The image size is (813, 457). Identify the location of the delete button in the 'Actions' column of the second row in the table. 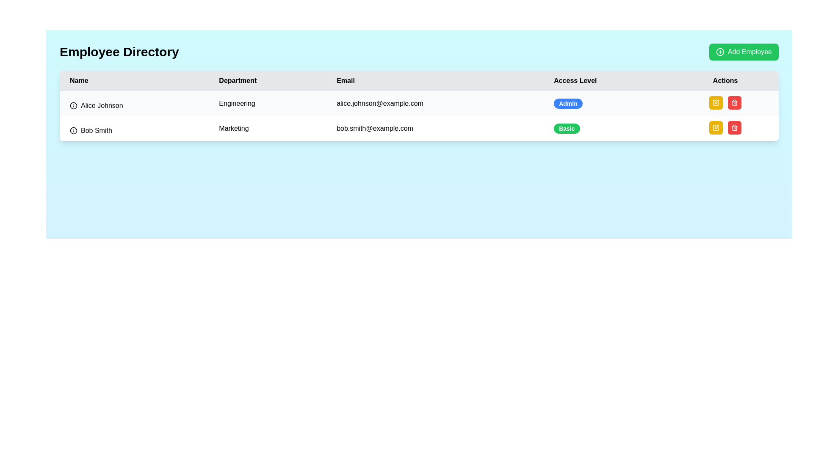
(734, 102).